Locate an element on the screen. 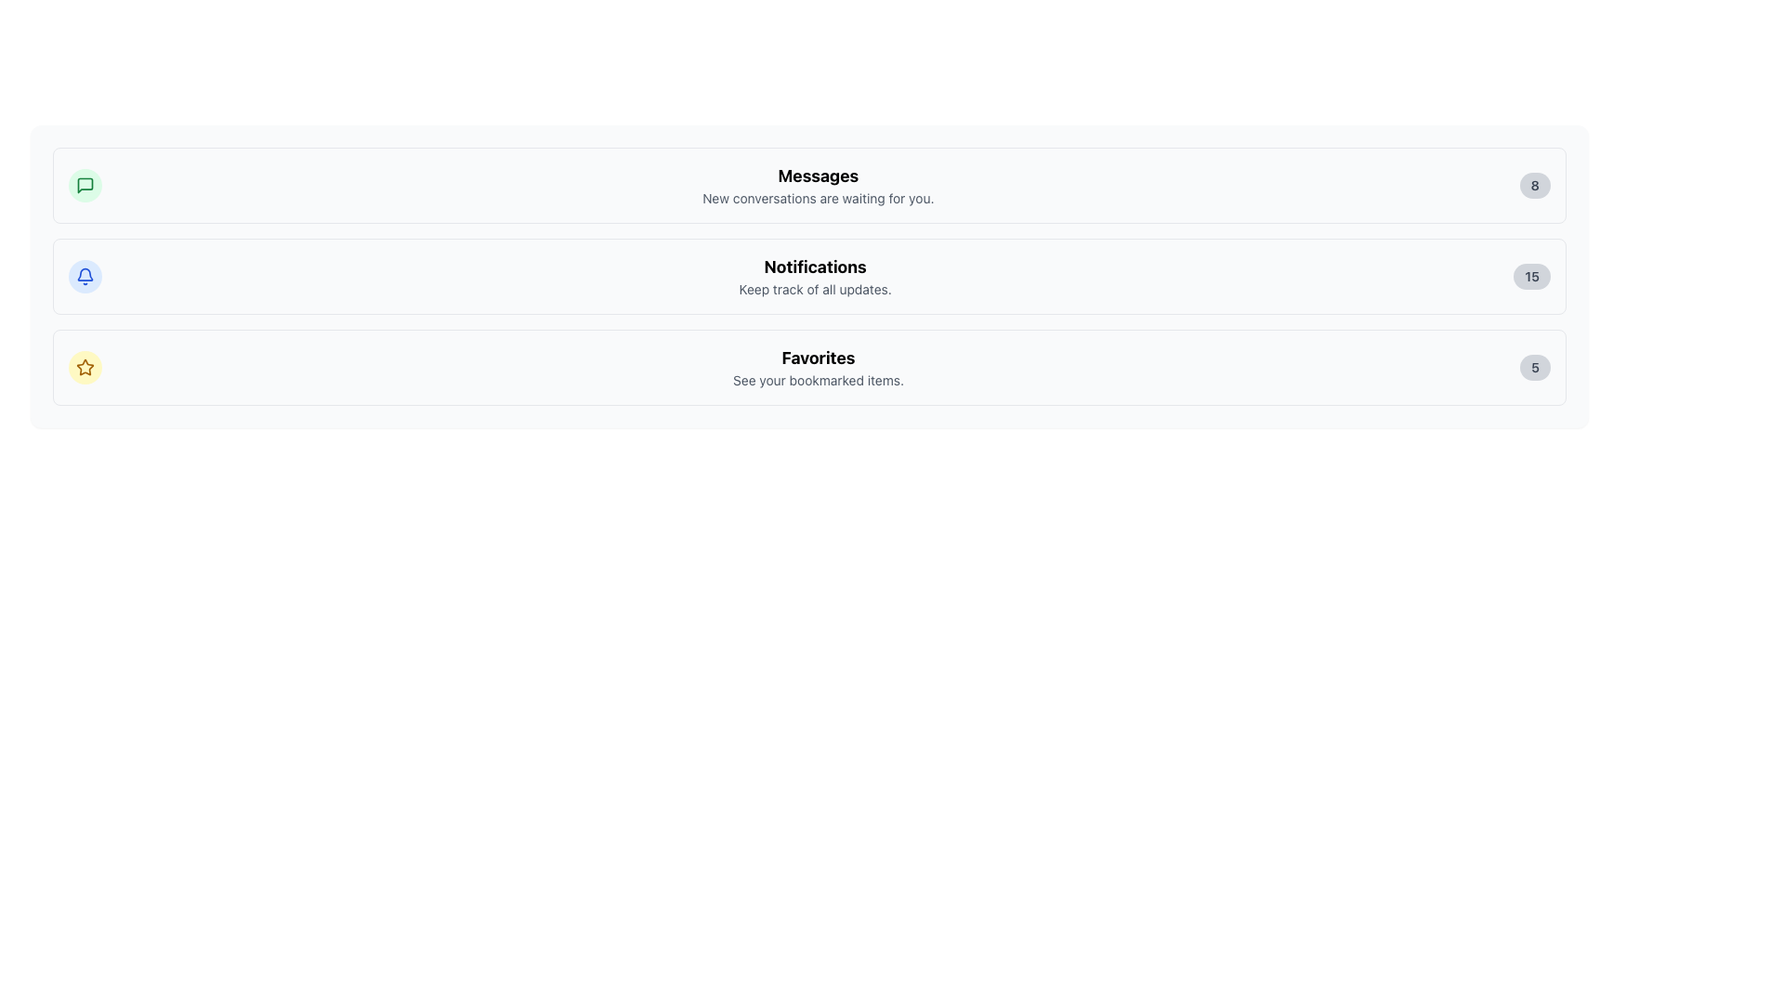 The image size is (1784, 1003). the 'Notifications' text label element, which is prominently displayed in bold and large font with black text on a white background, located centrally below 'Messages' and above 'Favorites' is located at coordinates (815, 267).